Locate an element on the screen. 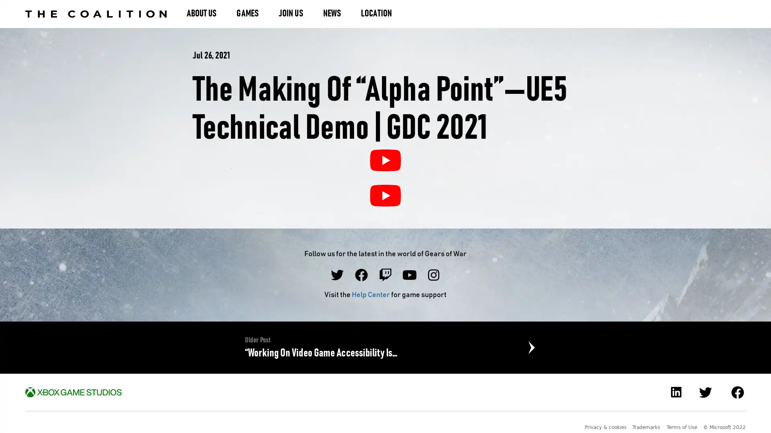 This screenshot has height=433, width=771. The Making of Alpha PointUE5 Technical Demo | GDC 2021 is located at coordinates (385, 264).